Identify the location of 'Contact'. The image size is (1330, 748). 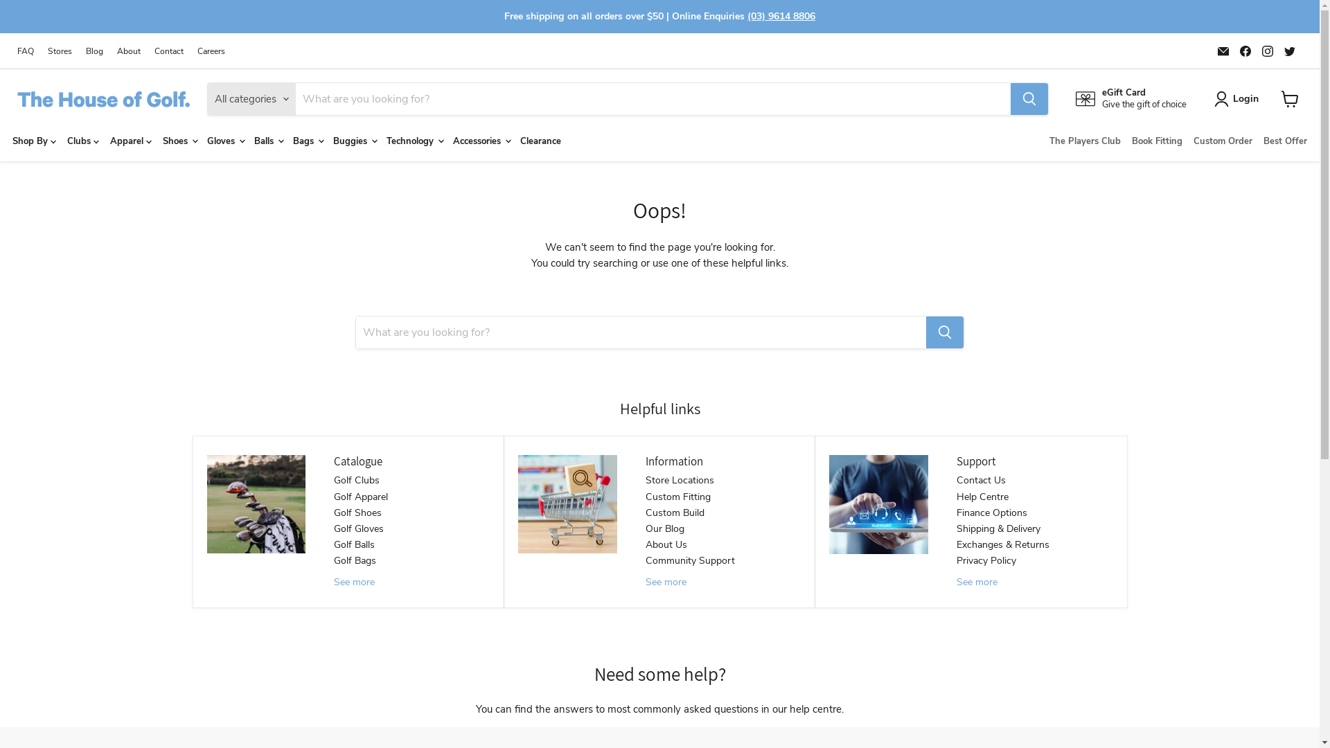
(168, 50).